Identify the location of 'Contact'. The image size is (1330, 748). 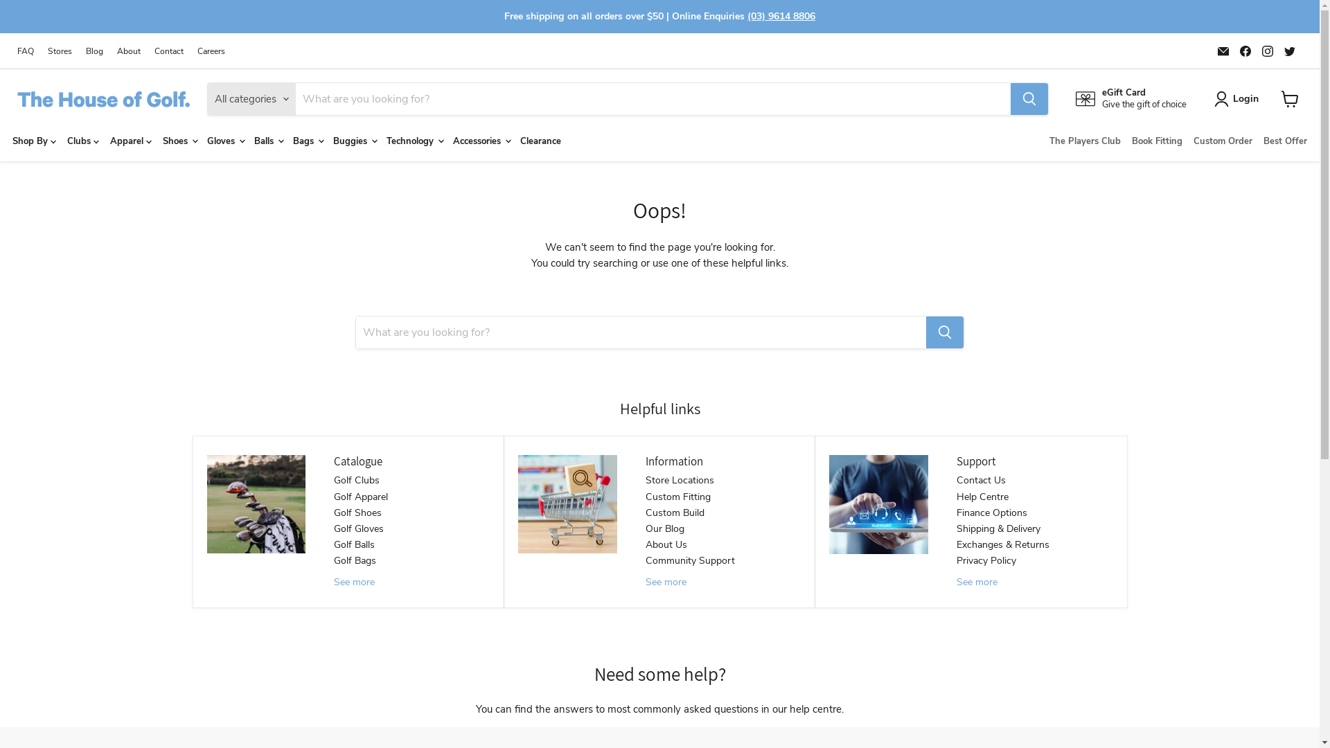
(168, 50).